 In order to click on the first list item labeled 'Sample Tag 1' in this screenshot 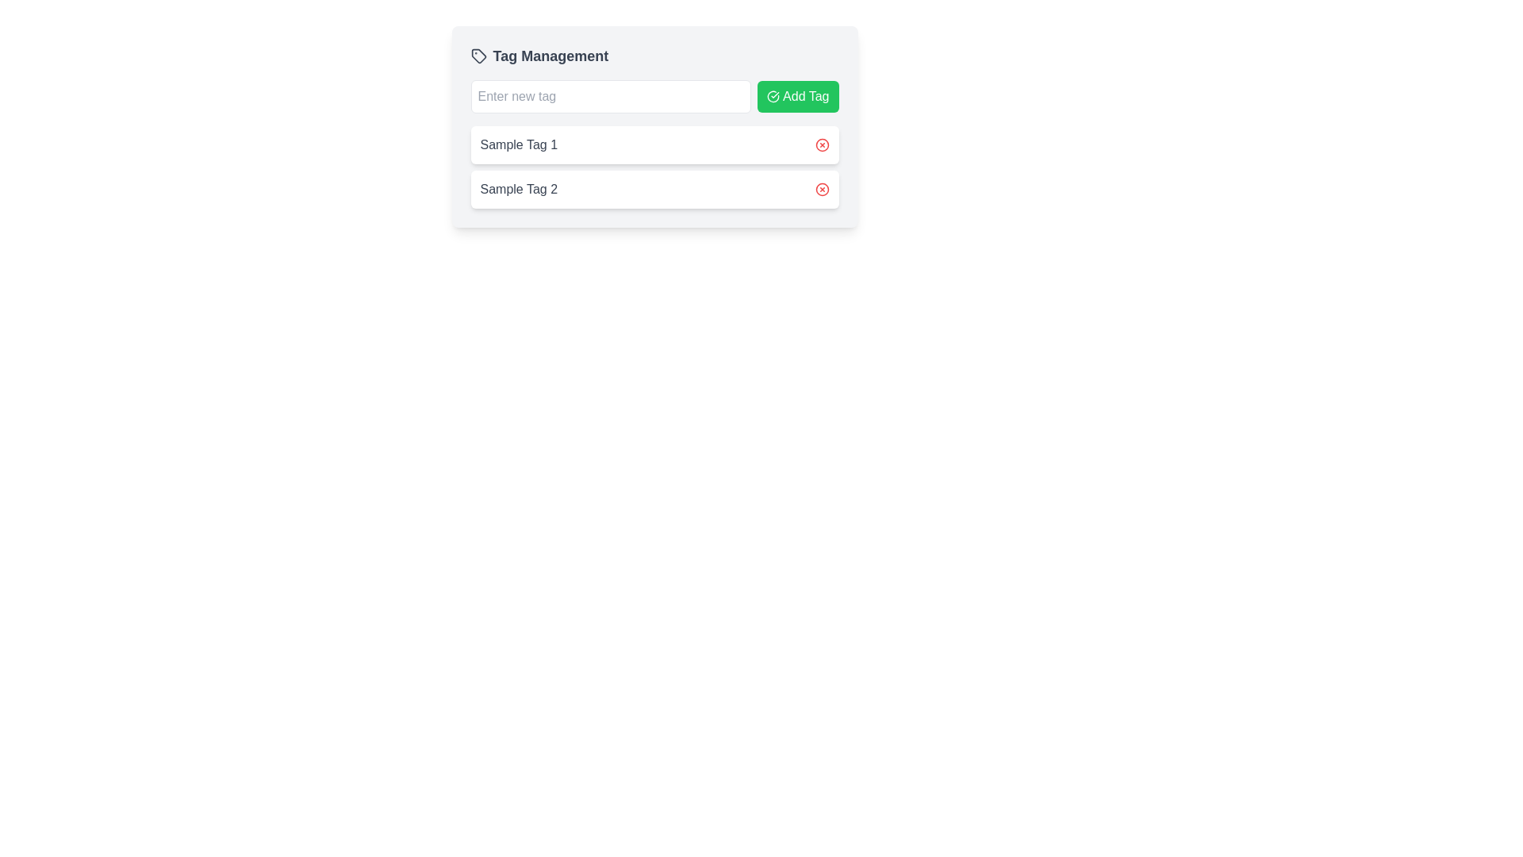, I will do `click(654, 144)`.